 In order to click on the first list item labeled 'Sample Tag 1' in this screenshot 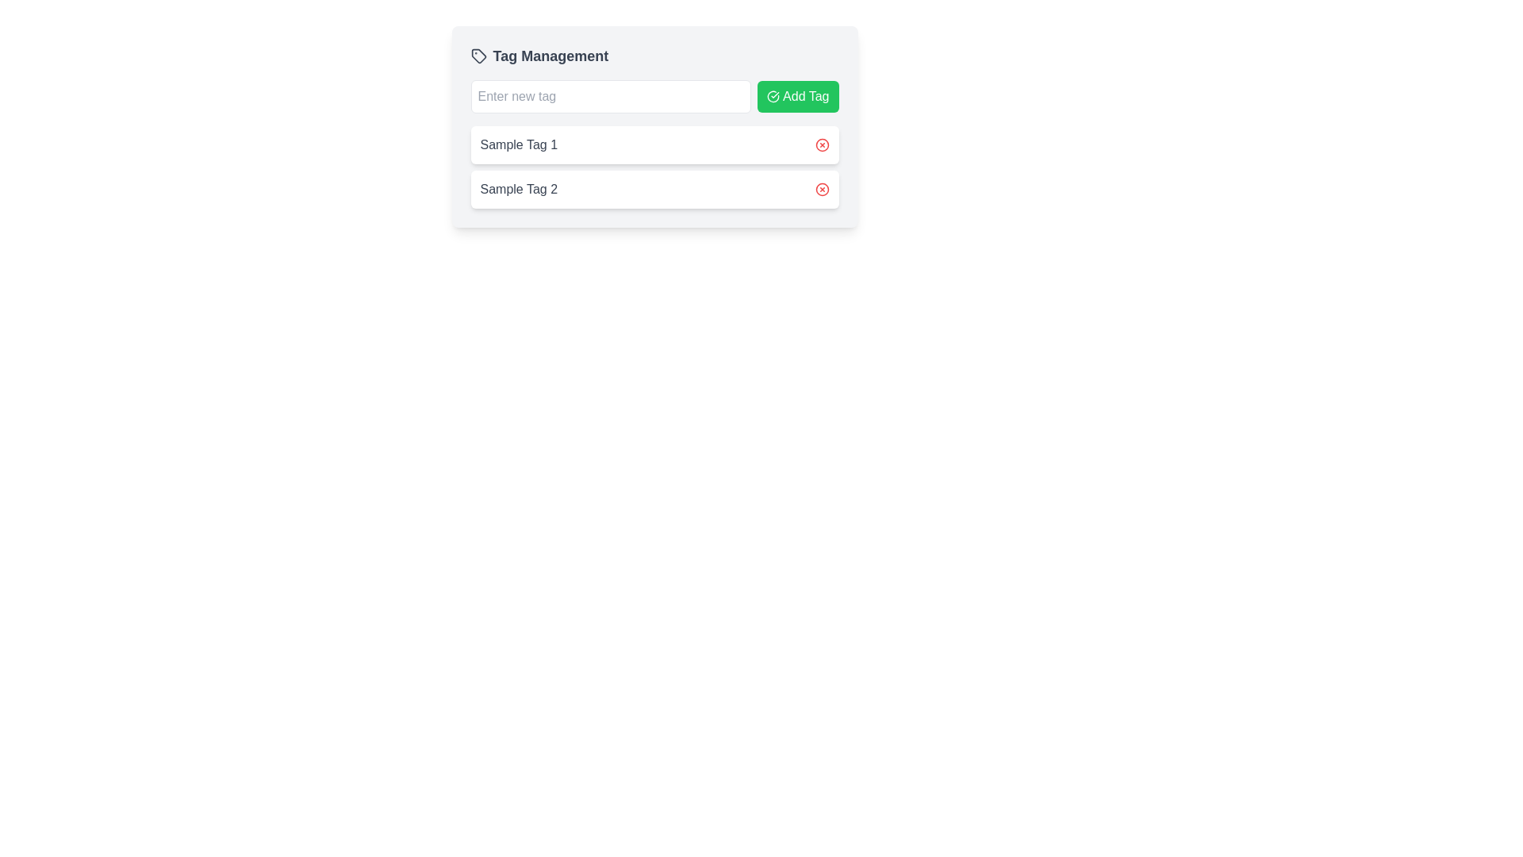, I will do `click(654, 144)`.